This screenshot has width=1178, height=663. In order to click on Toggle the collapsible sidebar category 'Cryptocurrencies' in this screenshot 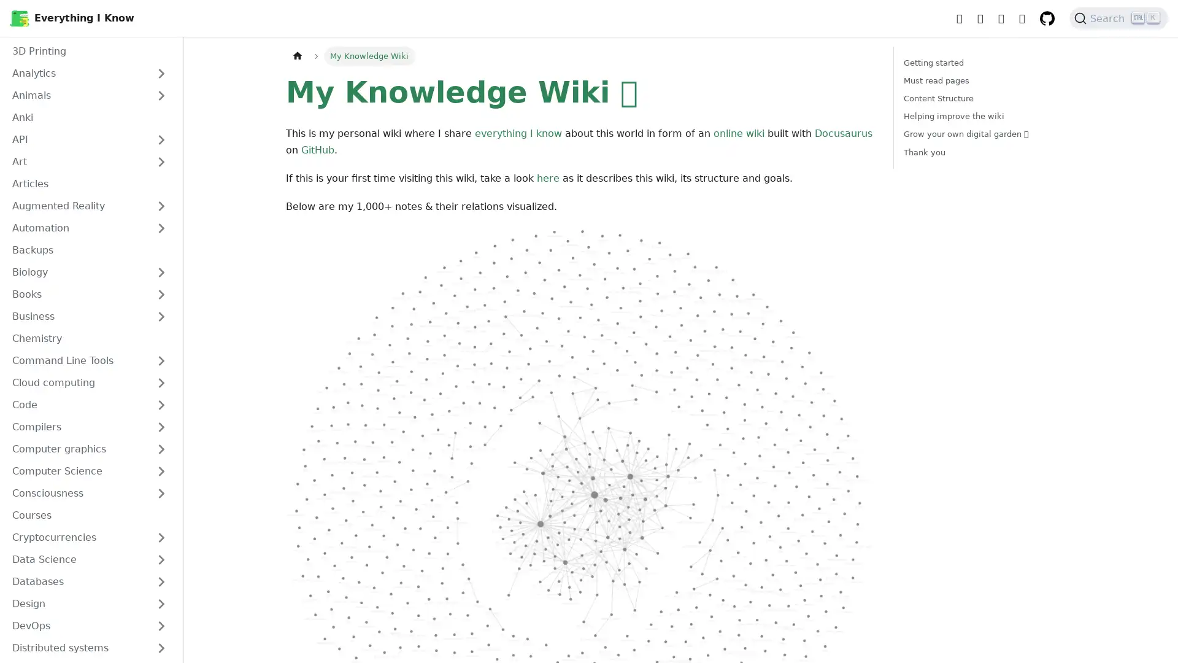, I will do `click(161, 537)`.